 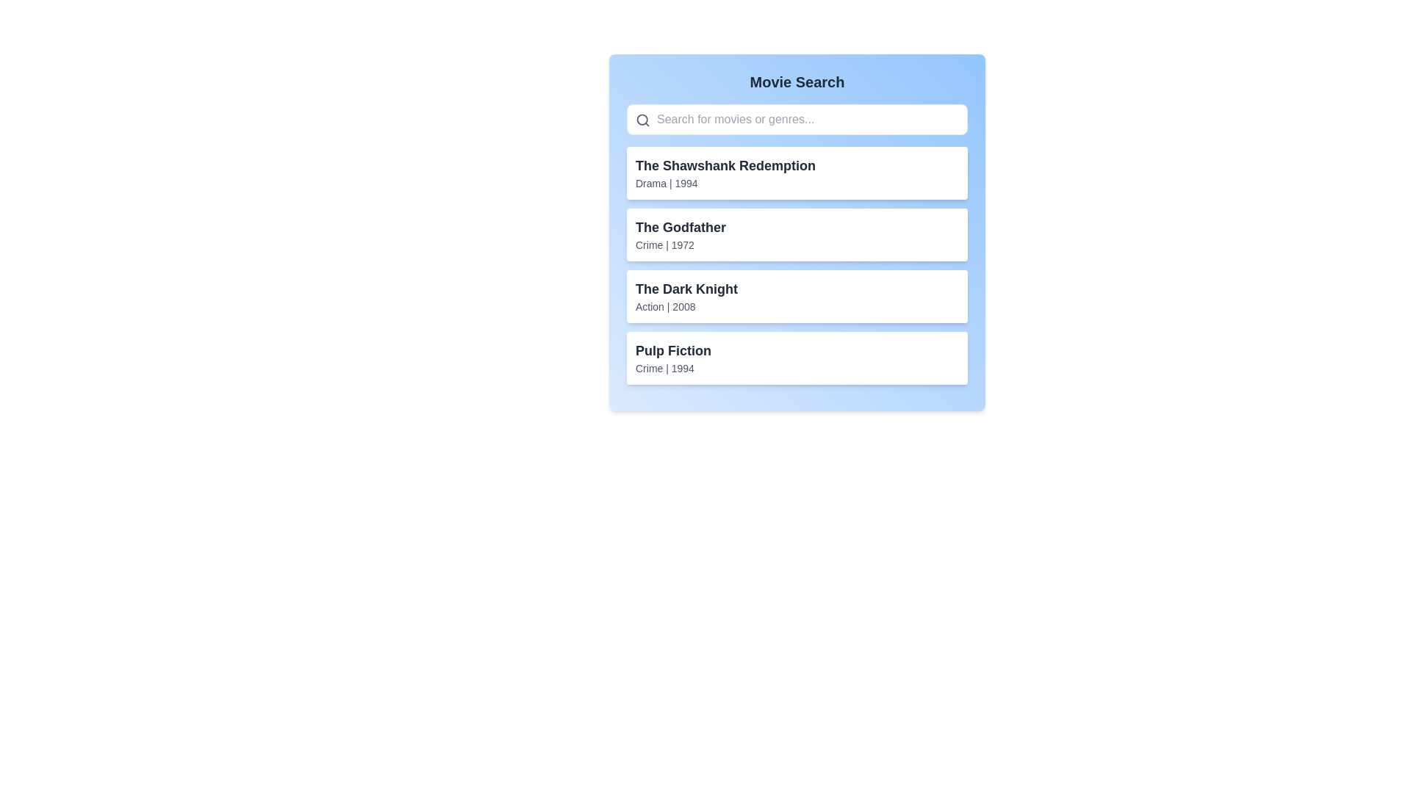 I want to click on the search bar located just below the title 'Movie Search', so click(x=796, y=118).